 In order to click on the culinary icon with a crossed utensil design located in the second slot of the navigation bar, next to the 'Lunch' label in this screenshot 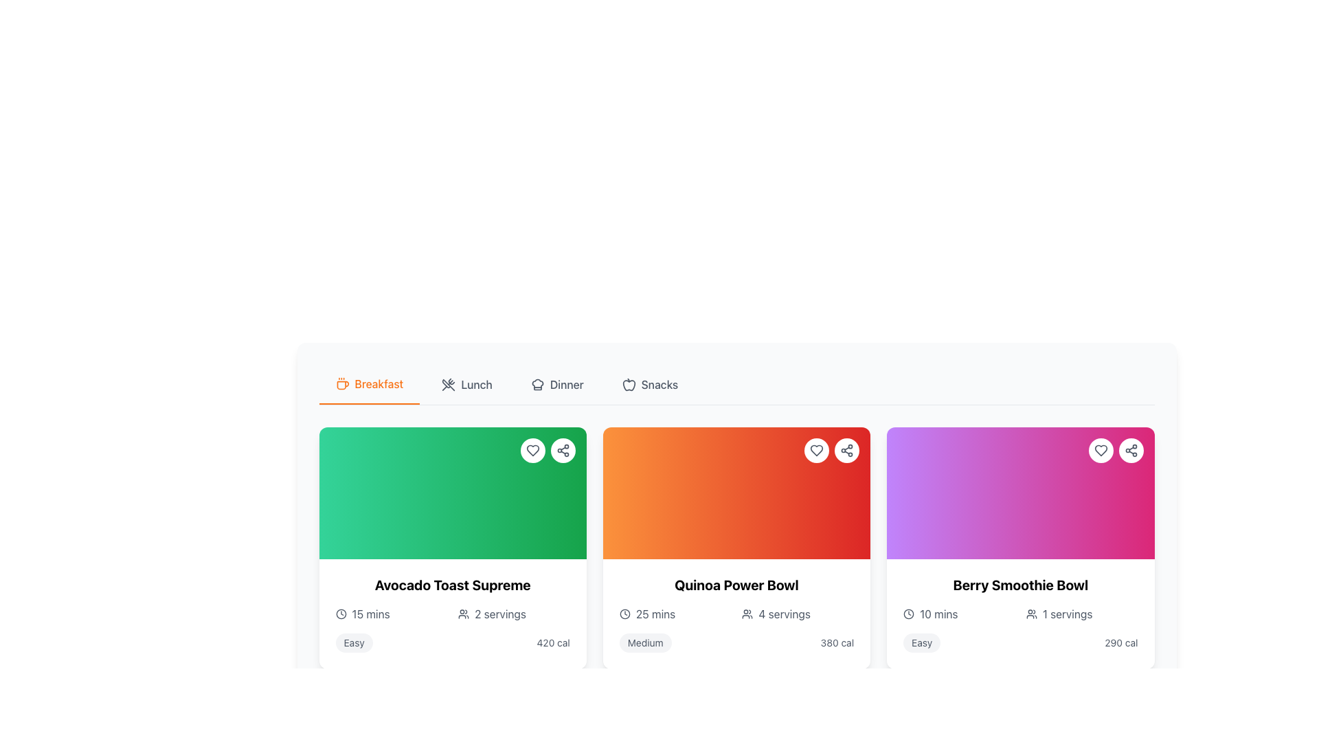, I will do `click(449, 385)`.